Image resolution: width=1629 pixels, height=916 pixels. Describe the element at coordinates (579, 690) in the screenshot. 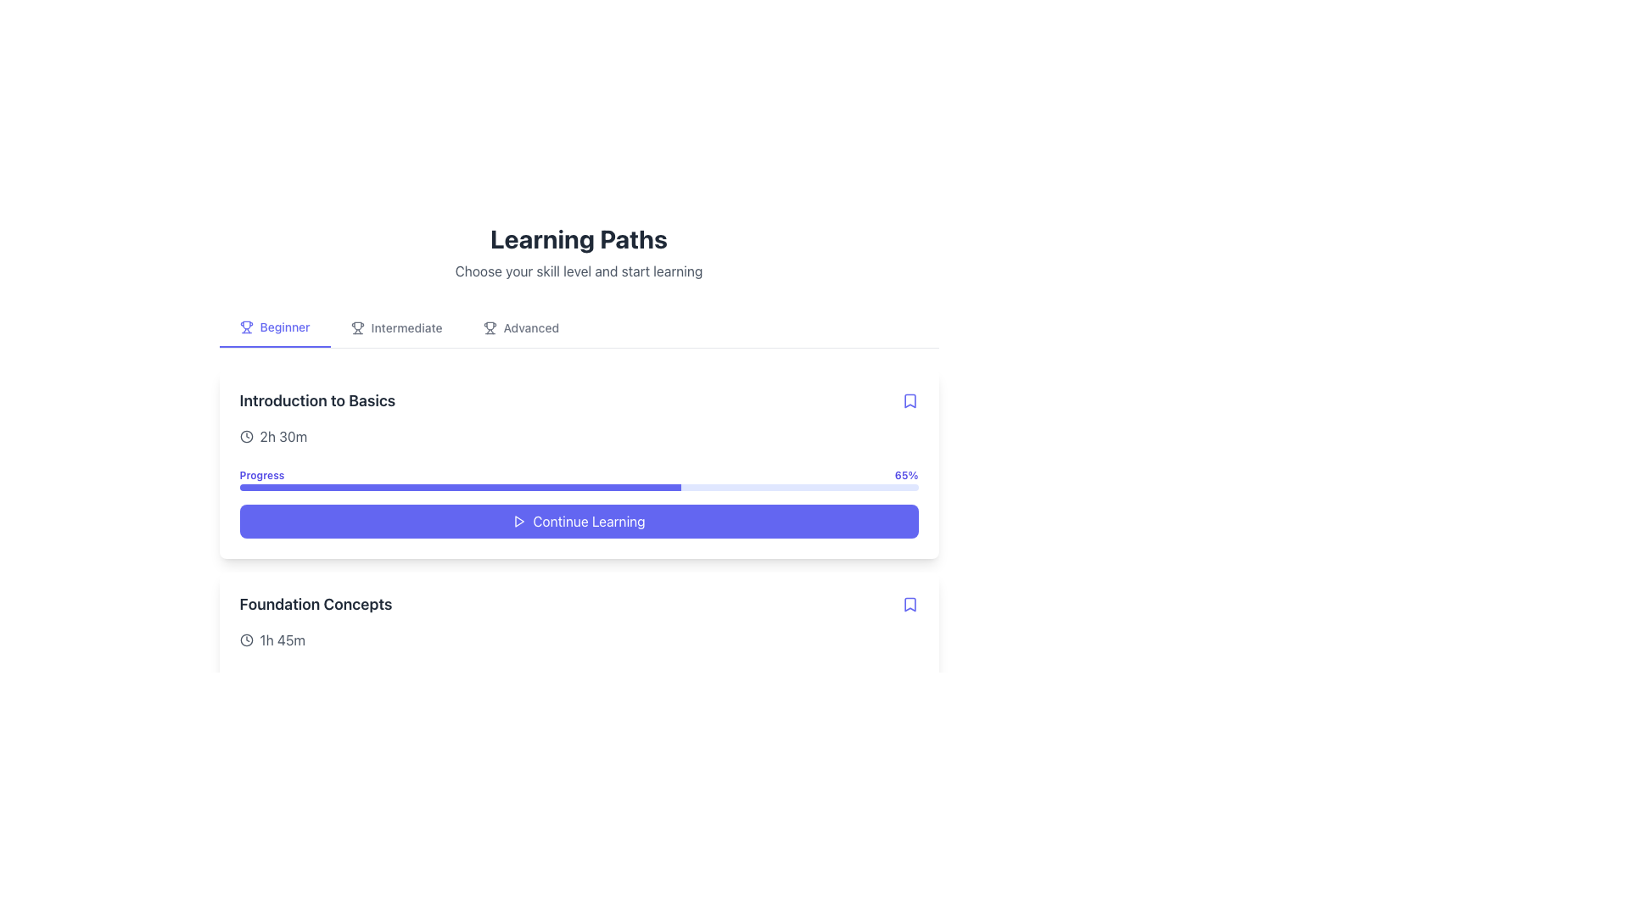

I see `the progress bar located in the 'Foundation Concepts' section, which has a light indigo background and a smaller darker indigo bar indicating 40% completion` at that location.